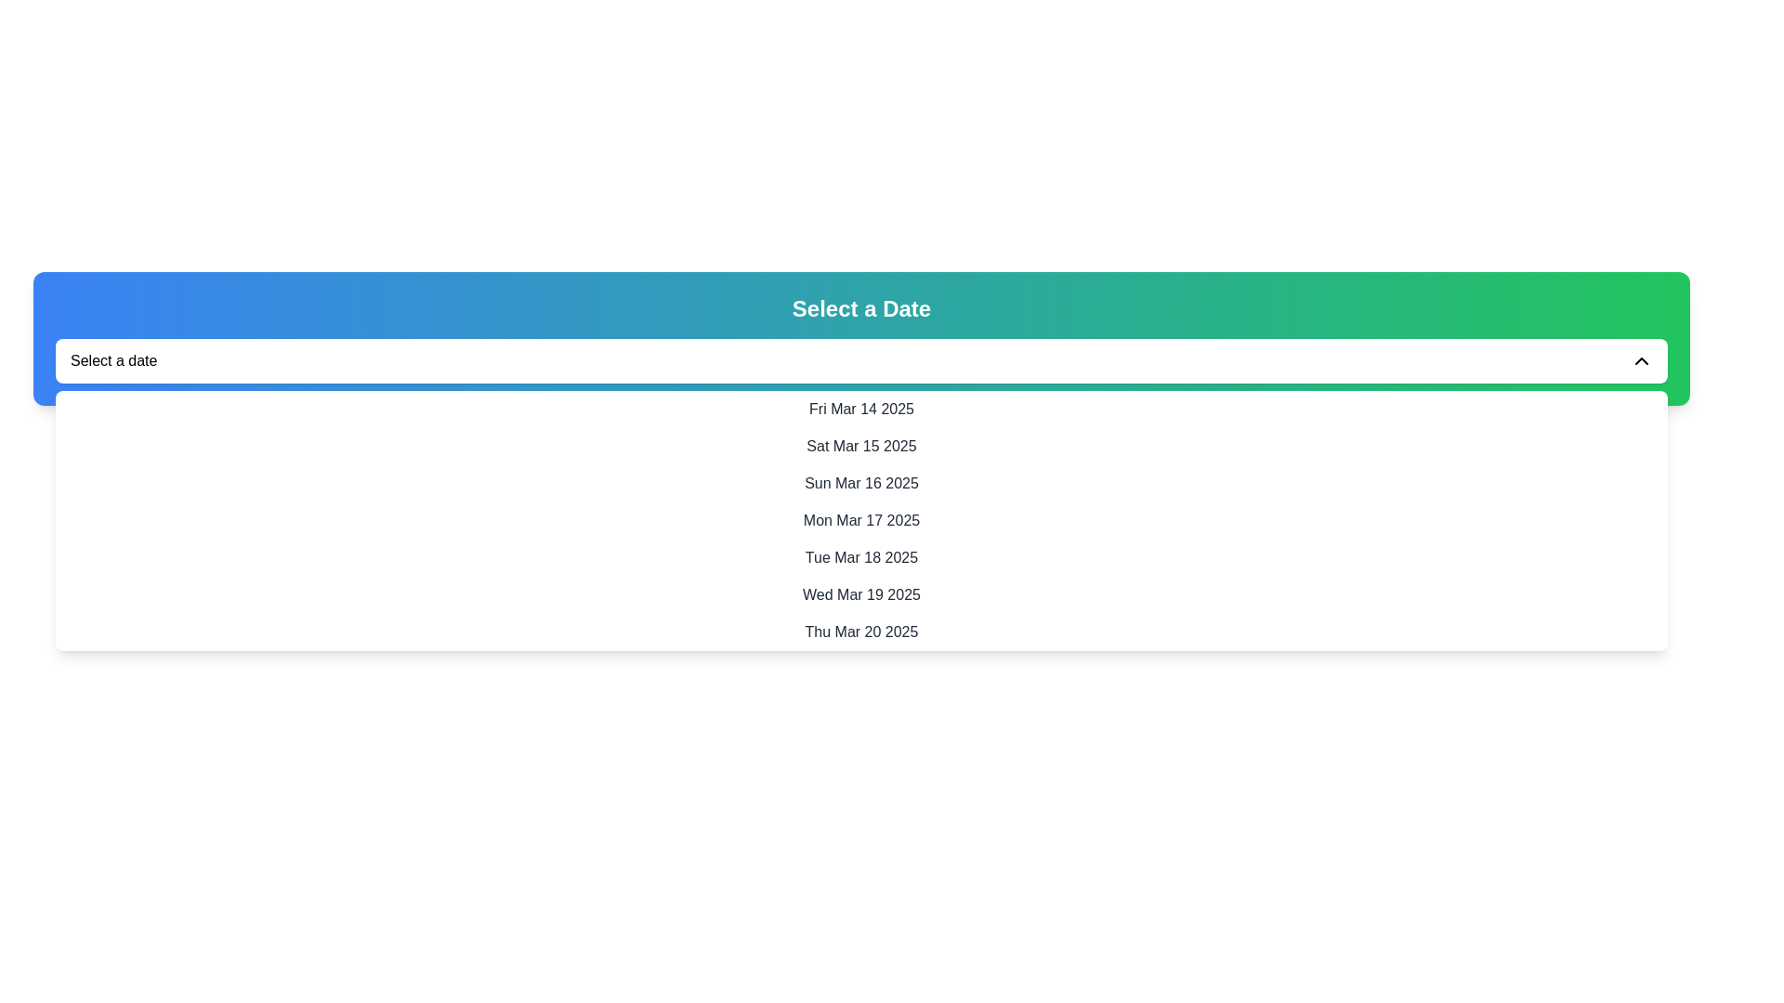 This screenshot has height=1003, width=1784. What do you see at coordinates (860, 632) in the screenshot?
I see `the selectable date option in the dropdown list, which is the last entry below 'Wed Mar 19 2025'` at bounding box center [860, 632].